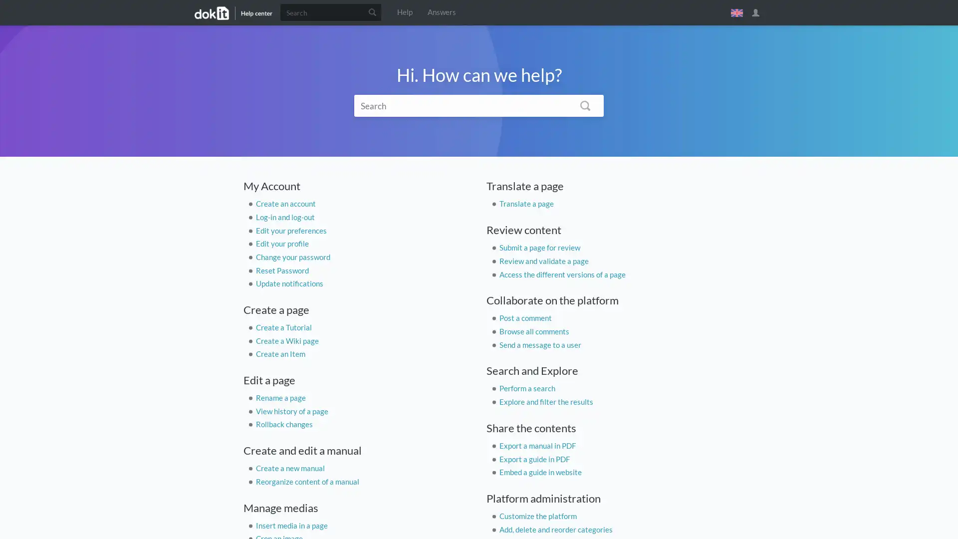  What do you see at coordinates (585, 105) in the screenshot?
I see `Search full text` at bounding box center [585, 105].